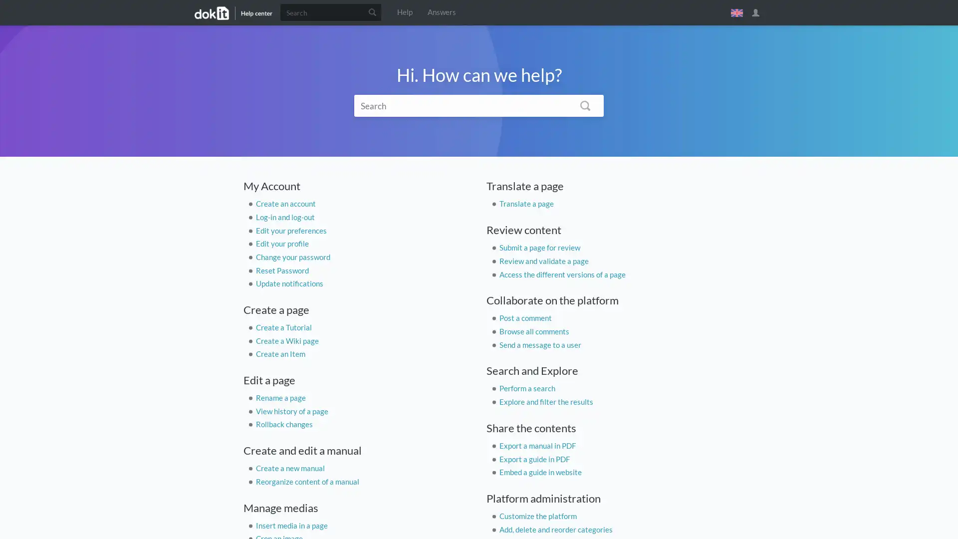  What do you see at coordinates (585, 105) in the screenshot?
I see `Search full text` at bounding box center [585, 105].